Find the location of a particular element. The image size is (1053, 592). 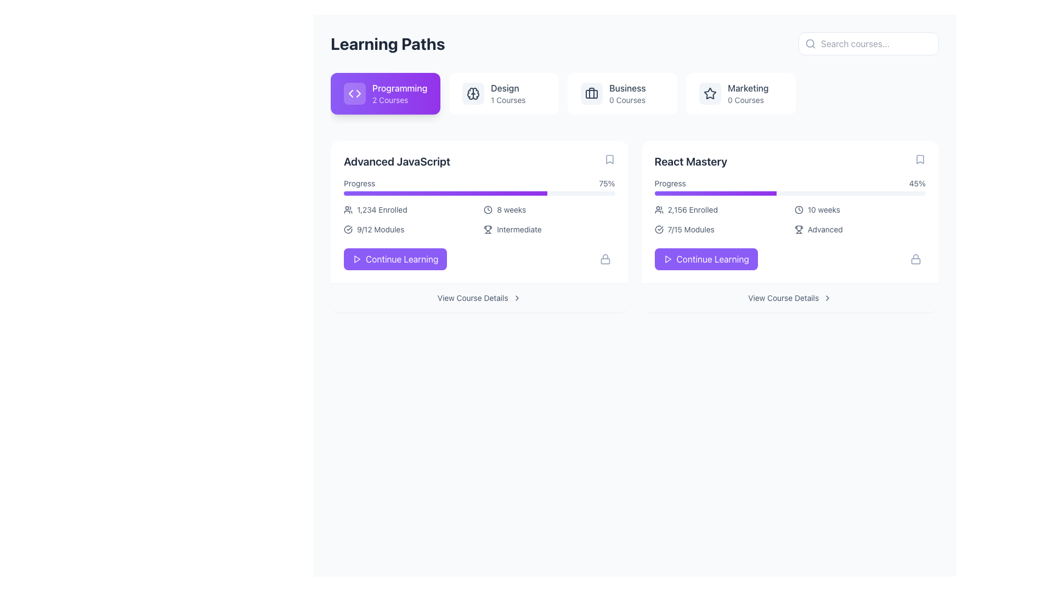

displayed course details from the 'React Mastery' Course Information Panel, which is located in the second position from the left of the horizontal list of course panels is located at coordinates (790, 212).